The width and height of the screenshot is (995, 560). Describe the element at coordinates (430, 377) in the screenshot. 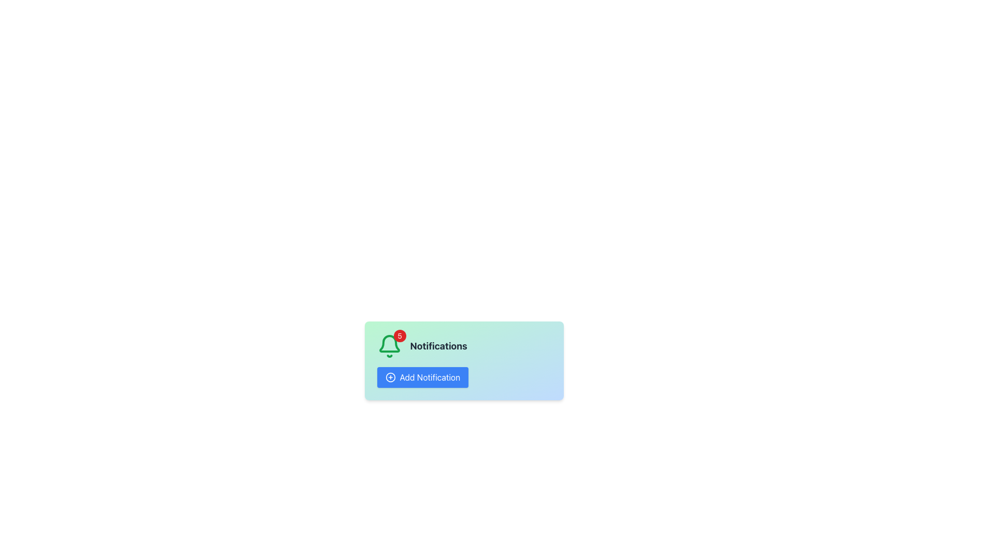

I see `the 'Add Notification' label within the button located at the bottom-right corner of the notification panel to initiate the action of adding or managing notifications` at that location.